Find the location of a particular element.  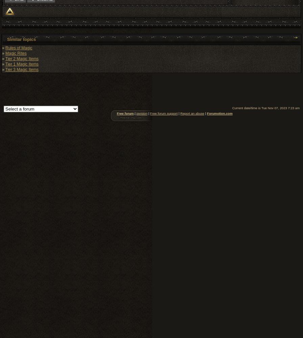

'Report an abuse' is located at coordinates (180, 113).